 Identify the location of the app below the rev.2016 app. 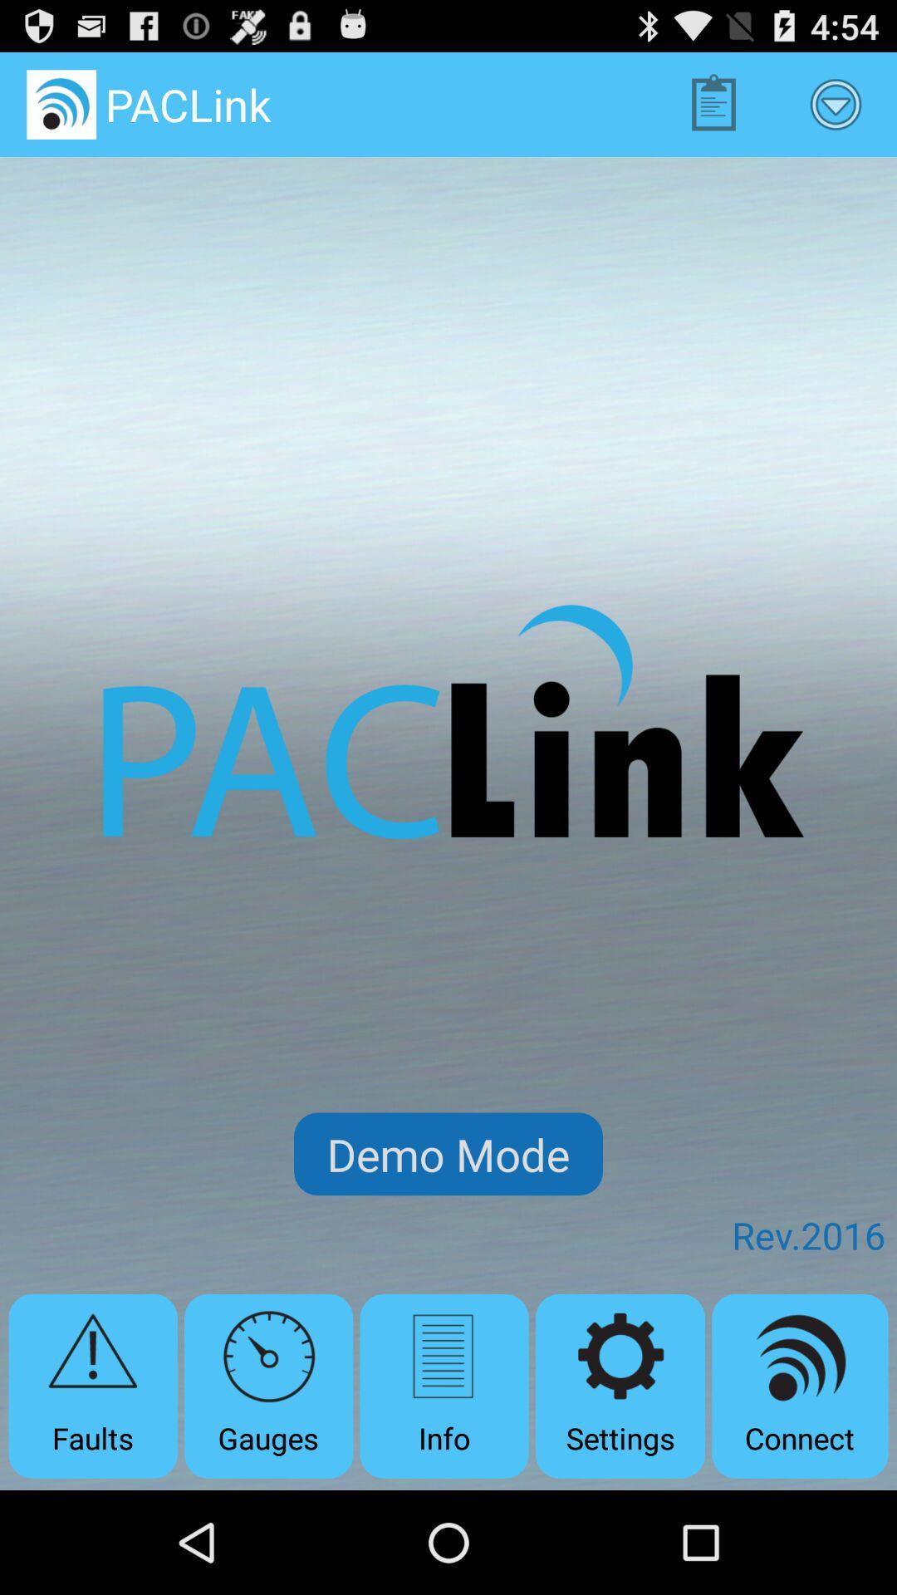
(799, 1386).